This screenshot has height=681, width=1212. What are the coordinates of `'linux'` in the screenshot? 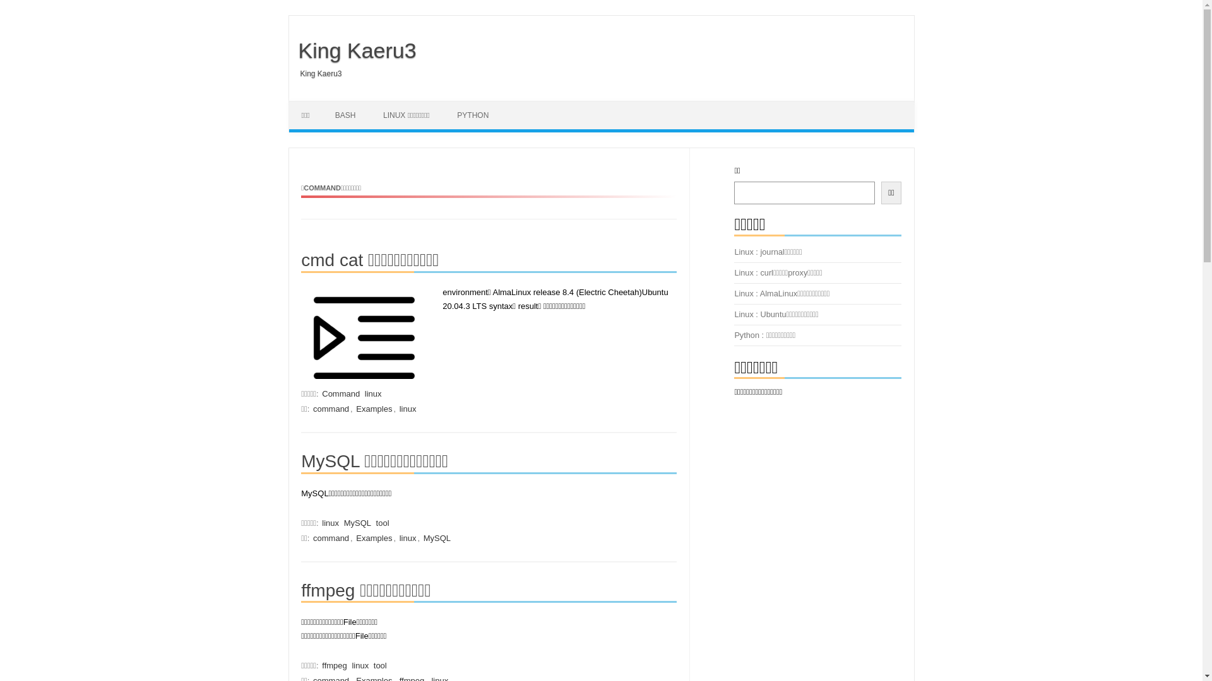 It's located at (408, 409).